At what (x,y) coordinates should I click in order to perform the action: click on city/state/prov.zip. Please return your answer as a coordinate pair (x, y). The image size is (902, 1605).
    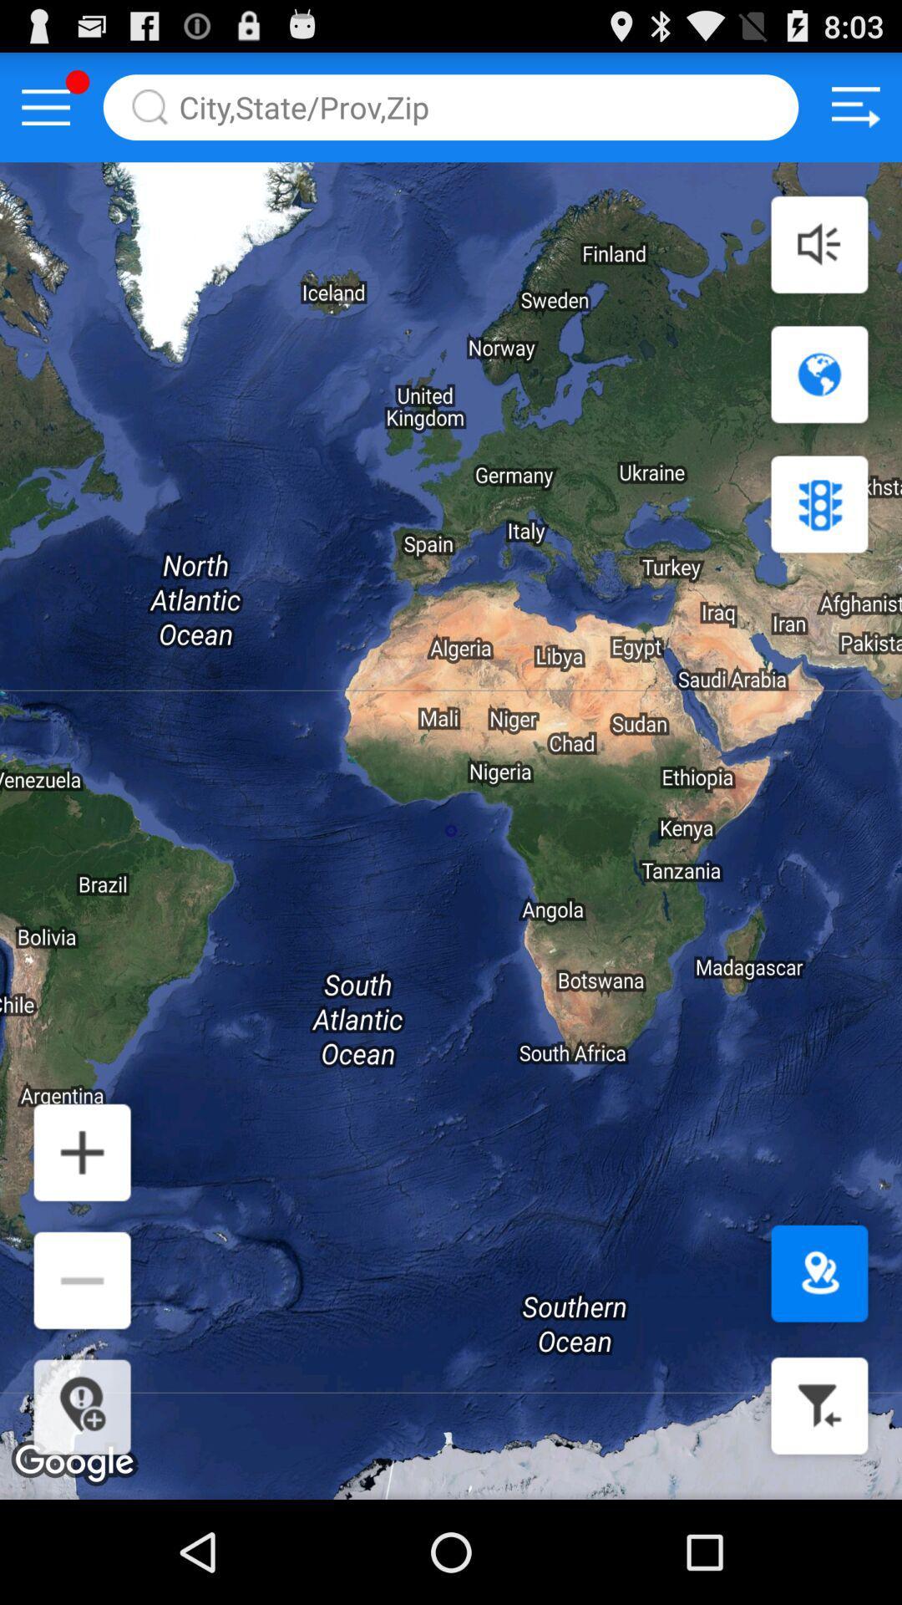
    Looking at the image, I should click on (451, 106).